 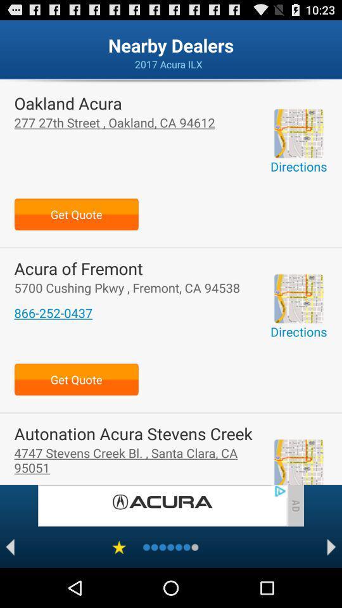 I want to click on zoom in to directions, so click(x=298, y=298).